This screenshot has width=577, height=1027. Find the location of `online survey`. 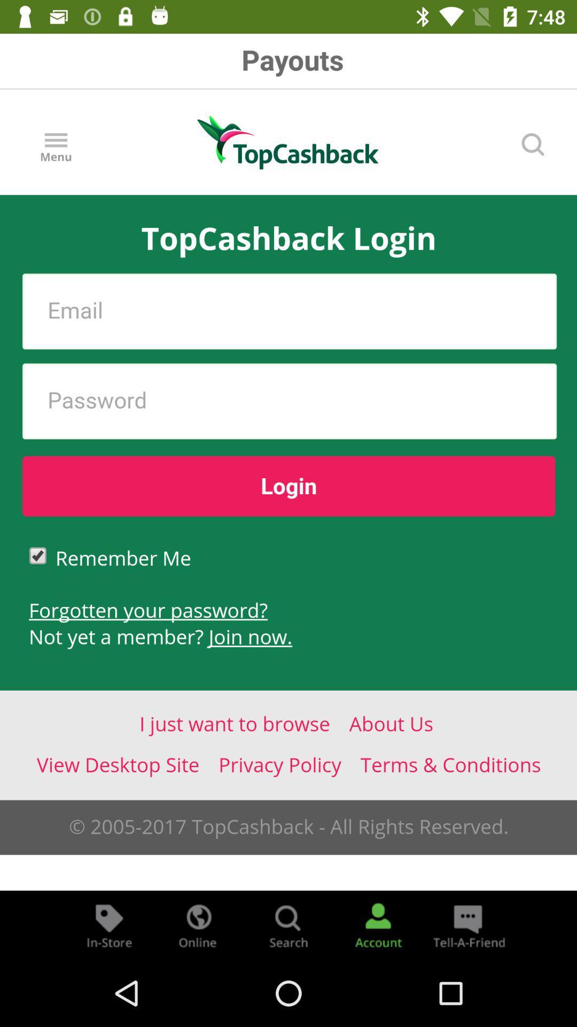

online survey is located at coordinates (198, 924).